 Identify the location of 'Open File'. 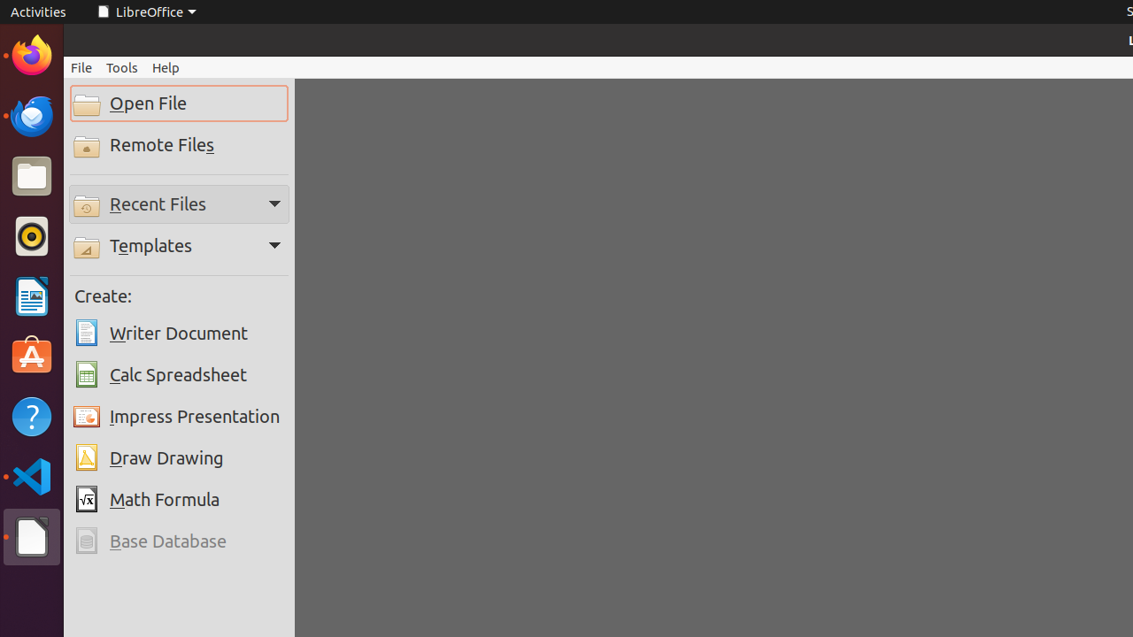
(179, 104).